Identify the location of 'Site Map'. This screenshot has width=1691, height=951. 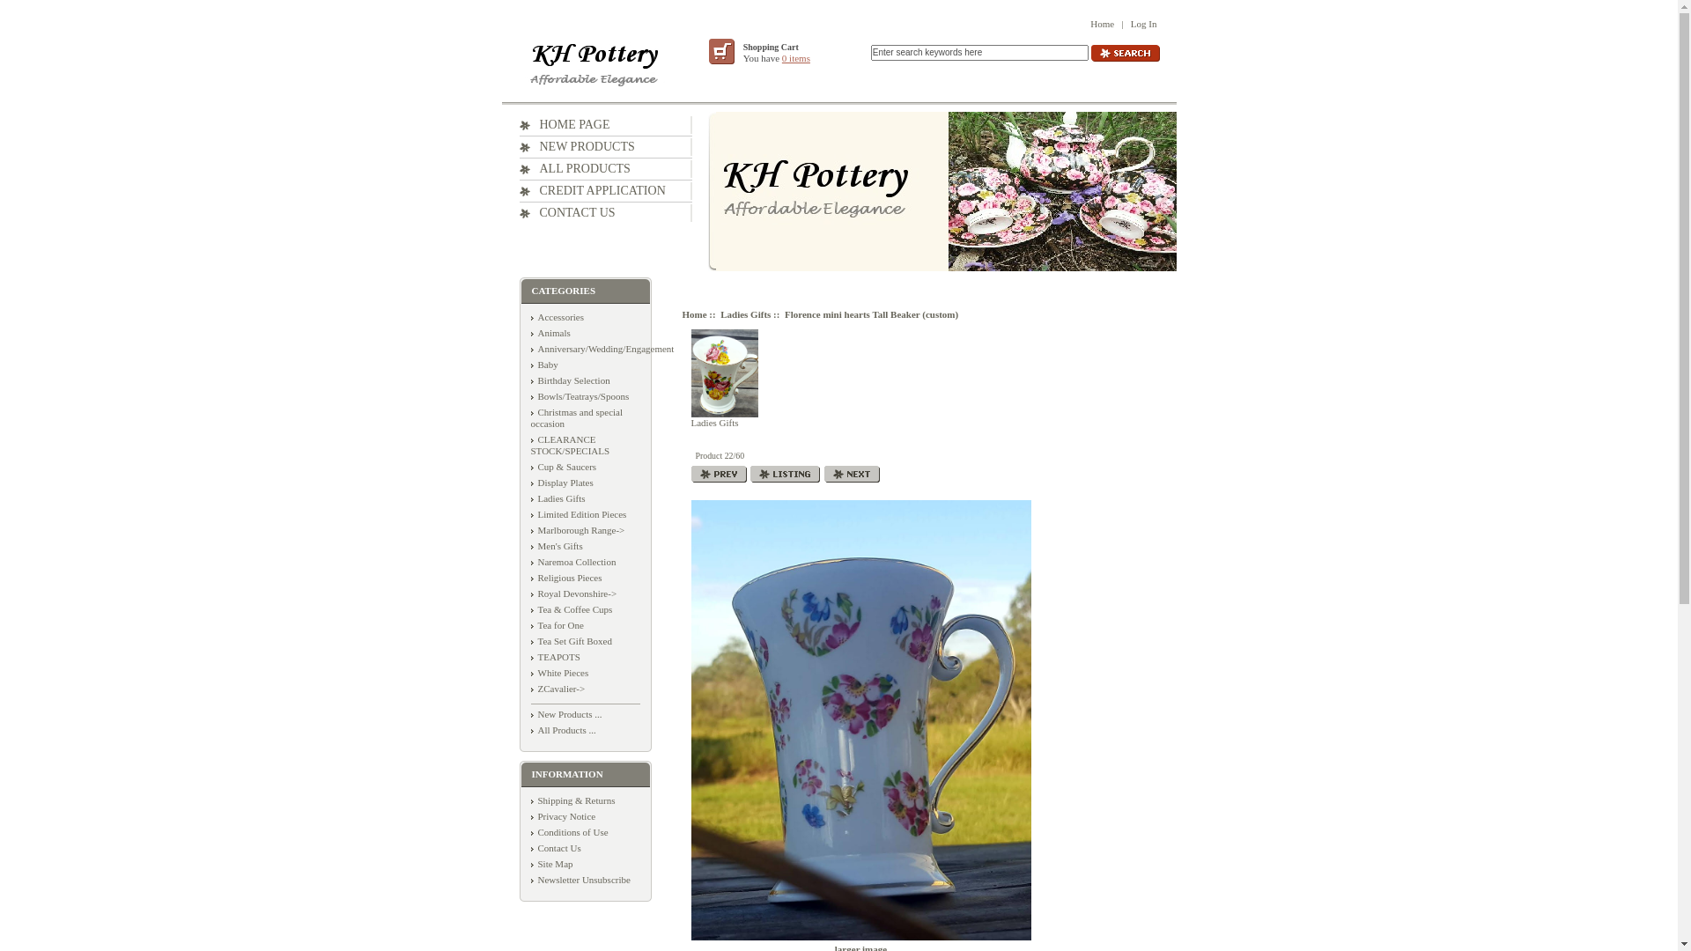
(550, 862).